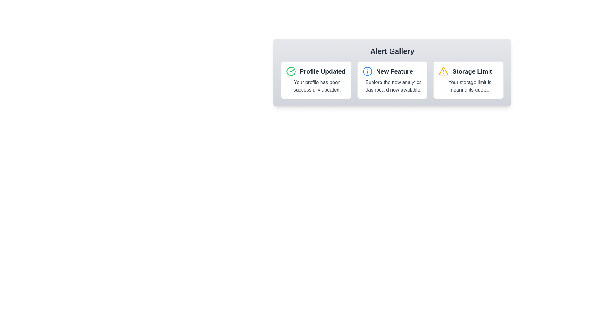 The width and height of the screenshot is (594, 334). Describe the element at coordinates (443, 71) in the screenshot. I see `the triangular warning icon with a yellow border and an exclamation mark, located in the 'Storage Limit' section, to the left of the text 'Storage Limit' and 'Your storage limit is nearing its quota.'` at that location.